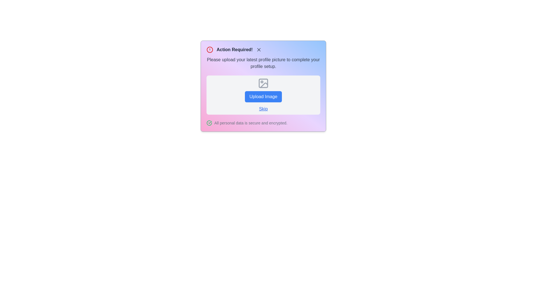 The width and height of the screenshot is (538, 302). What do you see at coordinates (263, 96) in the screenshot?
I see `the 'Upload Image' button to trigger the upload image action` at bounding box center [263, 96].